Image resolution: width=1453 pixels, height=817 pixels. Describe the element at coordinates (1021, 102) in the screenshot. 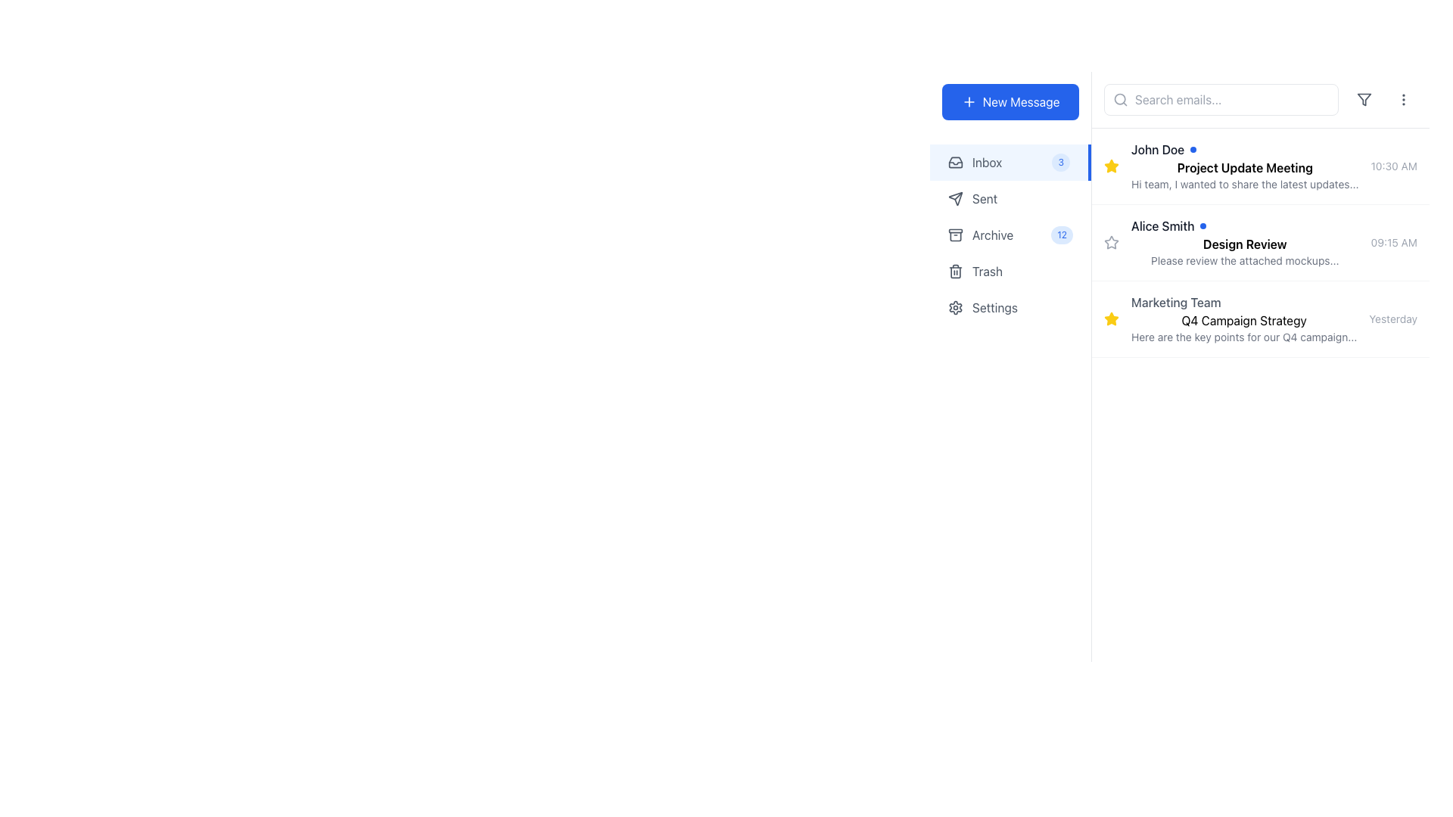

I see `the 'New Message' text label within the button, indicating its purpose to compose a new email or message` at that location.